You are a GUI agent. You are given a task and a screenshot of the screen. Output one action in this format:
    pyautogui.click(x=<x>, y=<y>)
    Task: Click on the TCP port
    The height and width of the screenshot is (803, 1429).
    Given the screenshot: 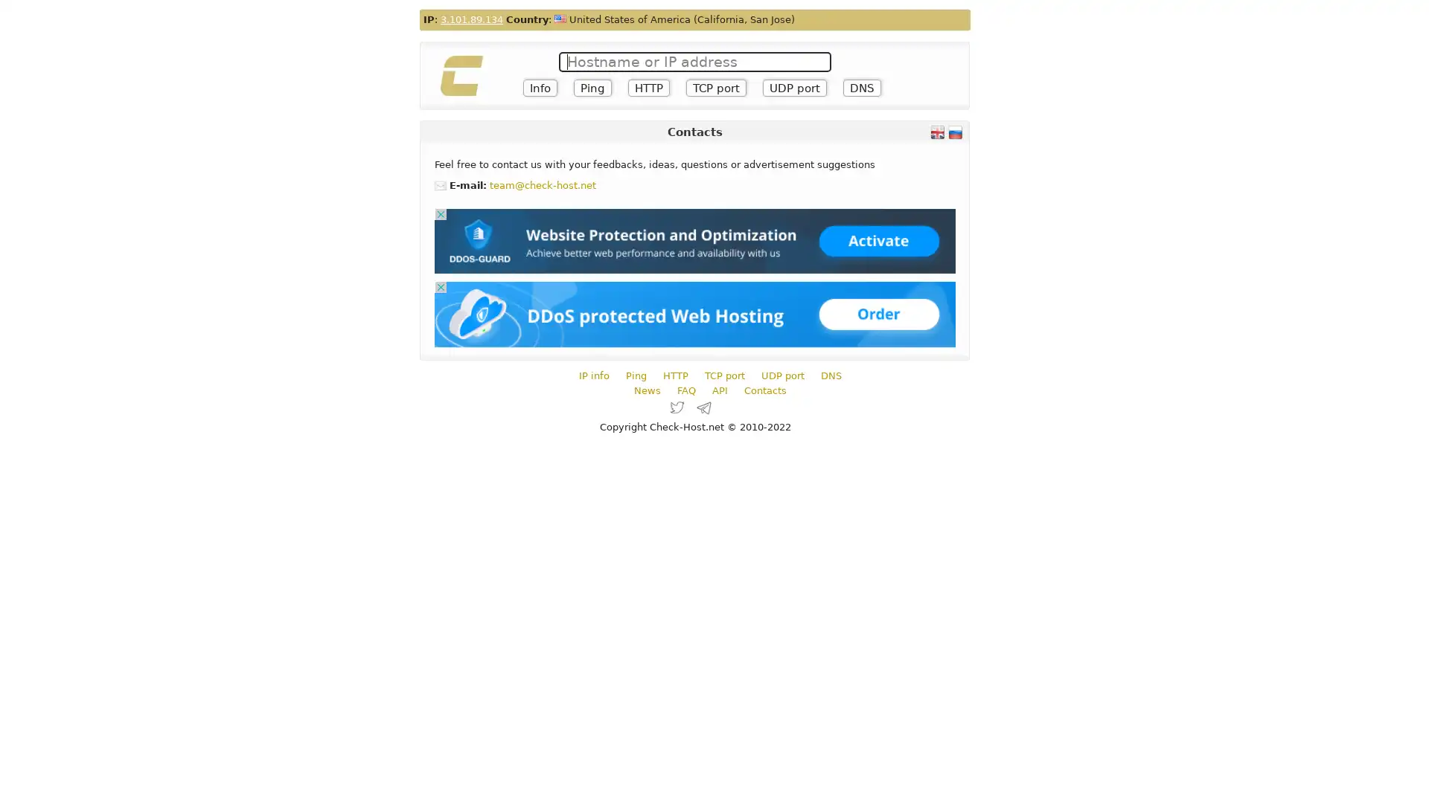 What is the action you would take?
    pyautogui.click(x=715, y=88)
    